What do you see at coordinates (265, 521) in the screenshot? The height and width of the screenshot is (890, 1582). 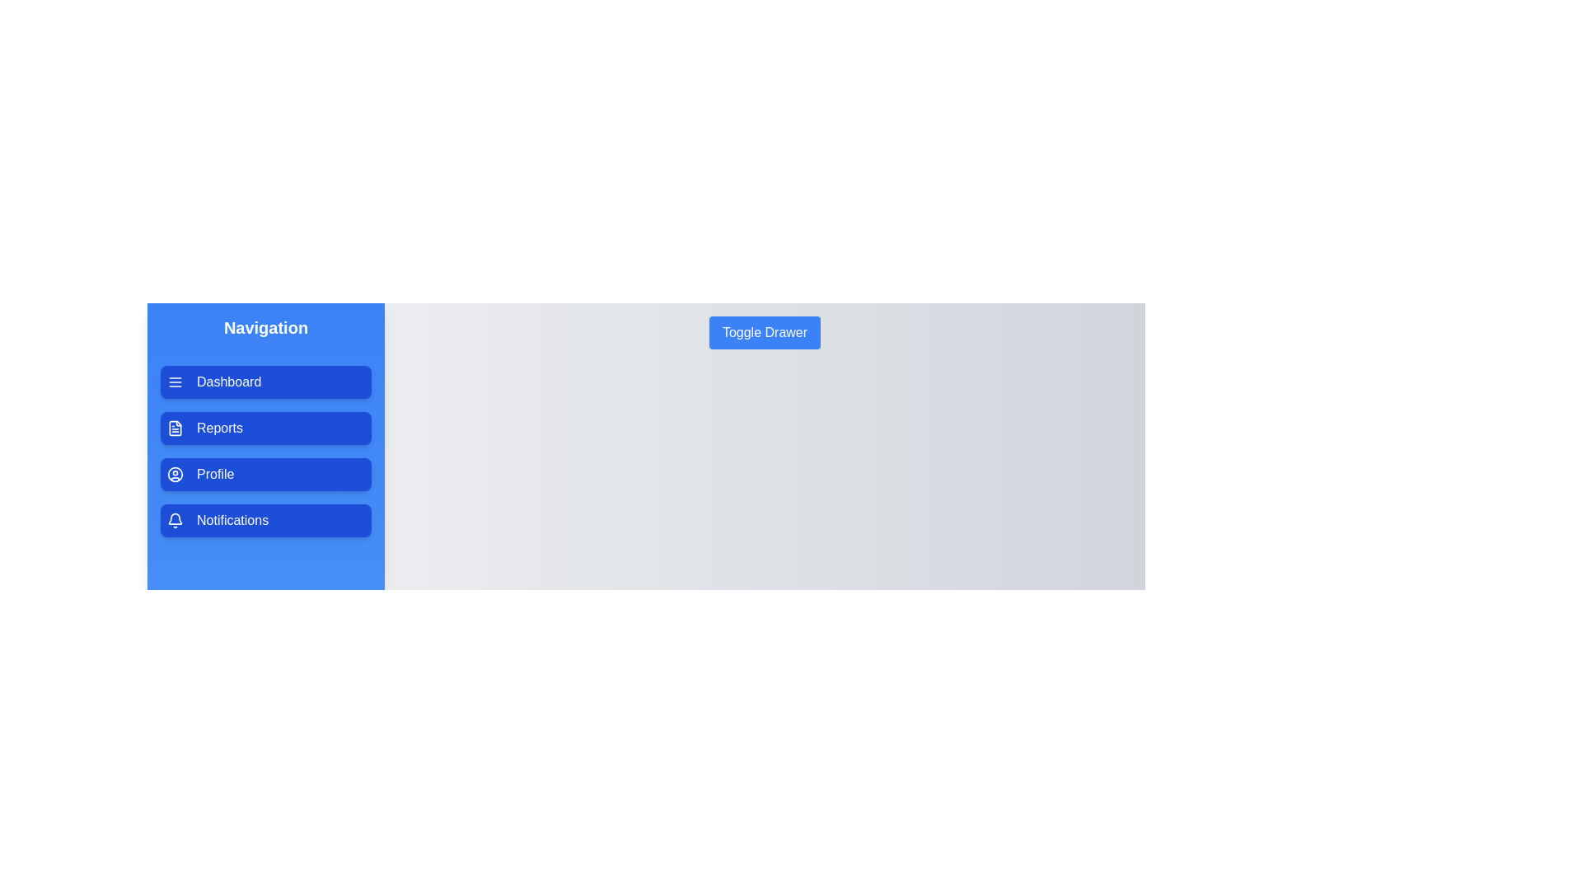 I see `the menu item labeled Notifications to select it` at bounding box center [265, 521].